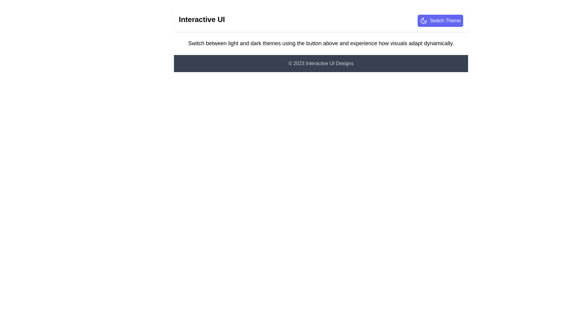 This screenshot has height=330, width=587. What do you see at coordinates (423, 20) in the screenshot?
I see `attributes of the Crescent Moon icon, which indicates nighttime mode and is located in the top bar towards the right side, next to the 'Switch Theme' button` at bounding box center [423, 20].